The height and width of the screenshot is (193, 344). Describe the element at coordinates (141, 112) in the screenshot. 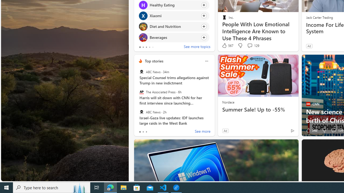

I see `'ABC News'` at that location.